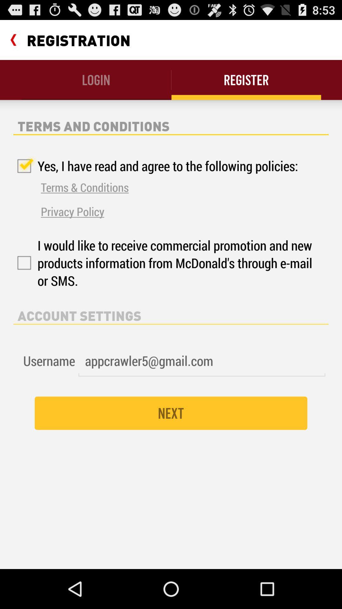  What do you see at coordinates (202, 361) in the screenshot?
I see `icon next to the username icon` at bounding box center [202, 361].